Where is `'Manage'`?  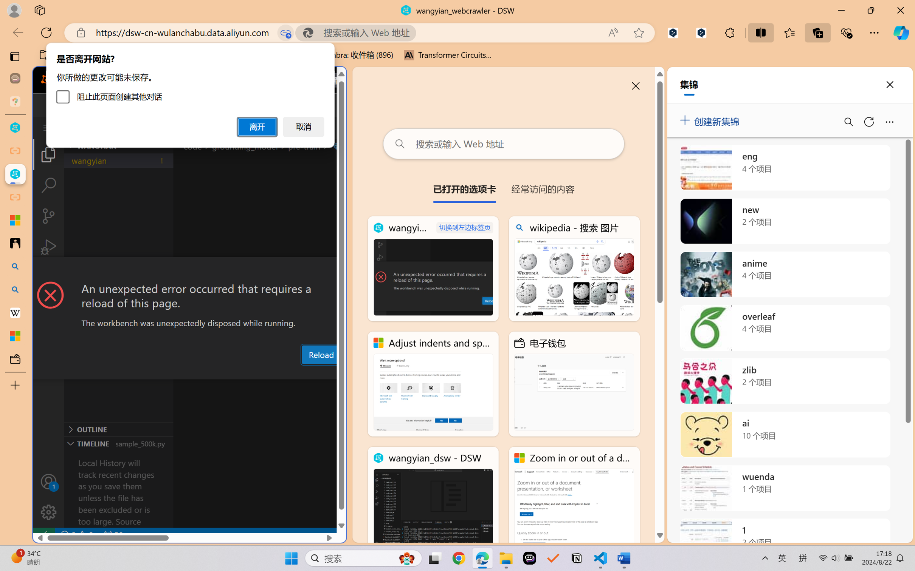 'Manage' is located at coordinates (48, 496).